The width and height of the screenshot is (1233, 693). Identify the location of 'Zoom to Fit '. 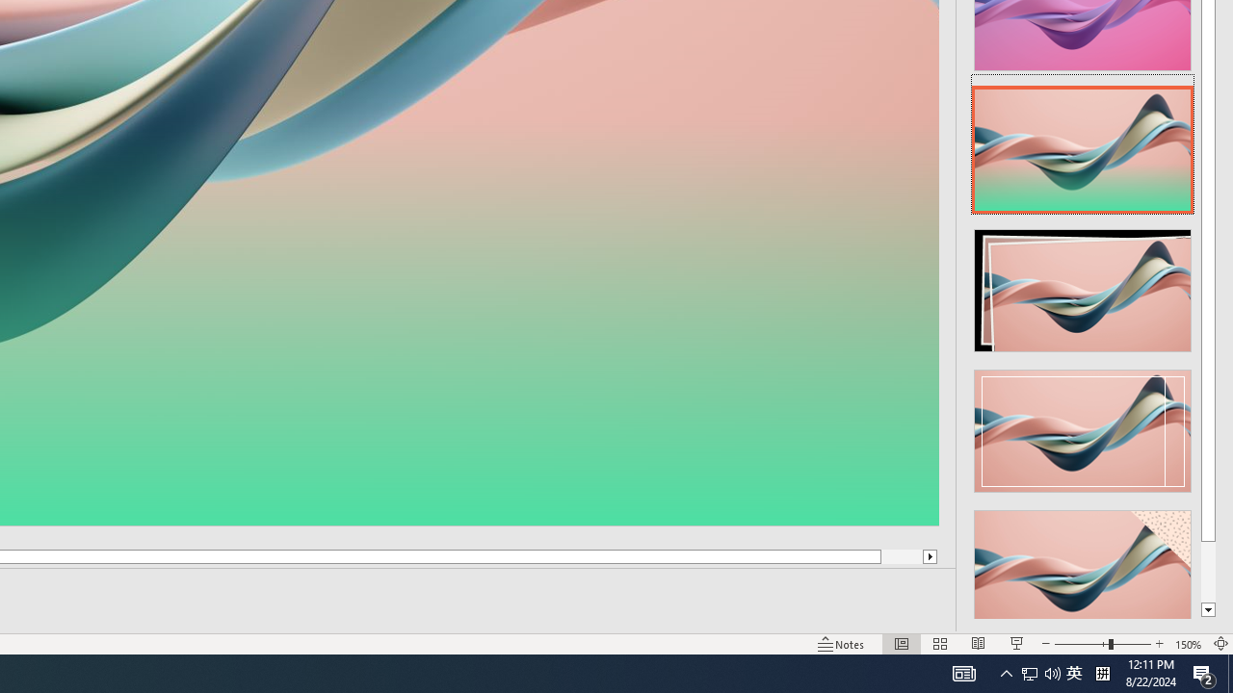
(1220, 644).